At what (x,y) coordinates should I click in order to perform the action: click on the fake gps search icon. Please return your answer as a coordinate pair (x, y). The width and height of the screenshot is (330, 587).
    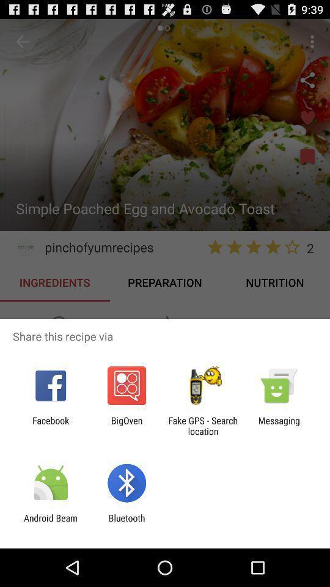
    Looking at the image, I should click on (203, 426).